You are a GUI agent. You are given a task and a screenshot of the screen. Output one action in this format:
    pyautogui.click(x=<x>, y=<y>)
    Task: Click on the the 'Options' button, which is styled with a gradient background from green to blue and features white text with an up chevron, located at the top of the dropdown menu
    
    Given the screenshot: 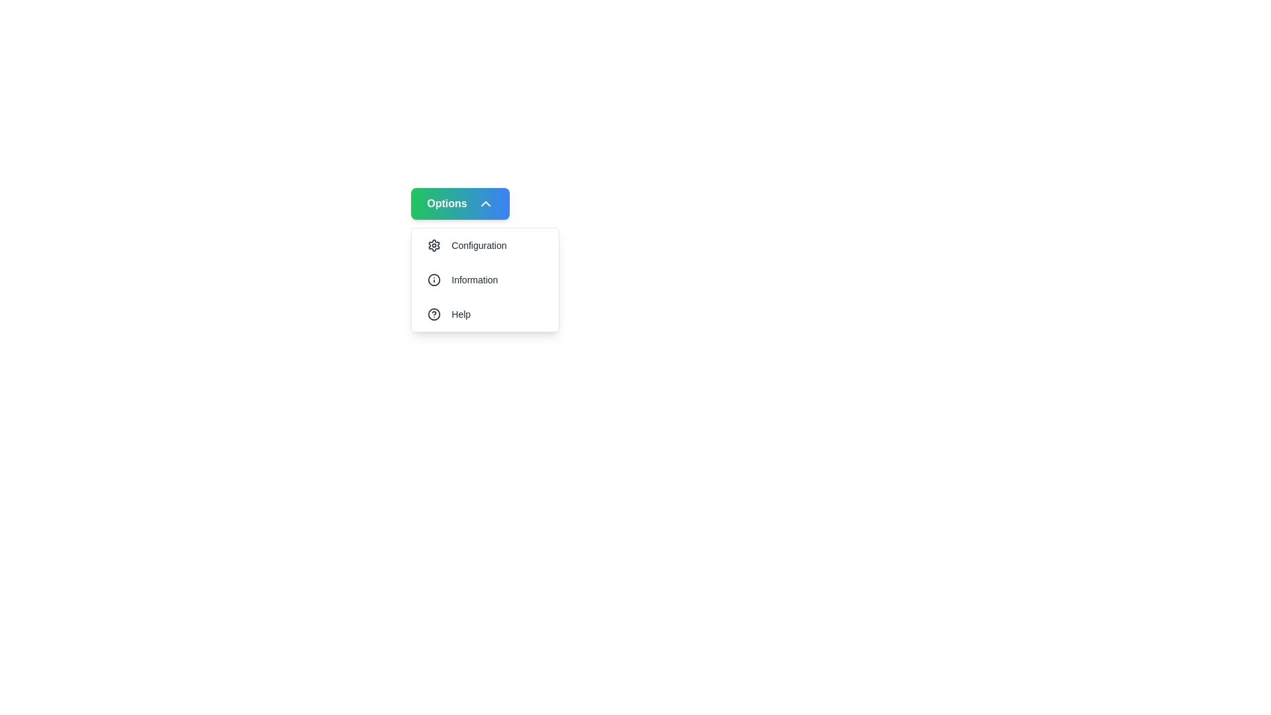 What is the action you would take?
    pyautogui.click(x=460, y=204)
    